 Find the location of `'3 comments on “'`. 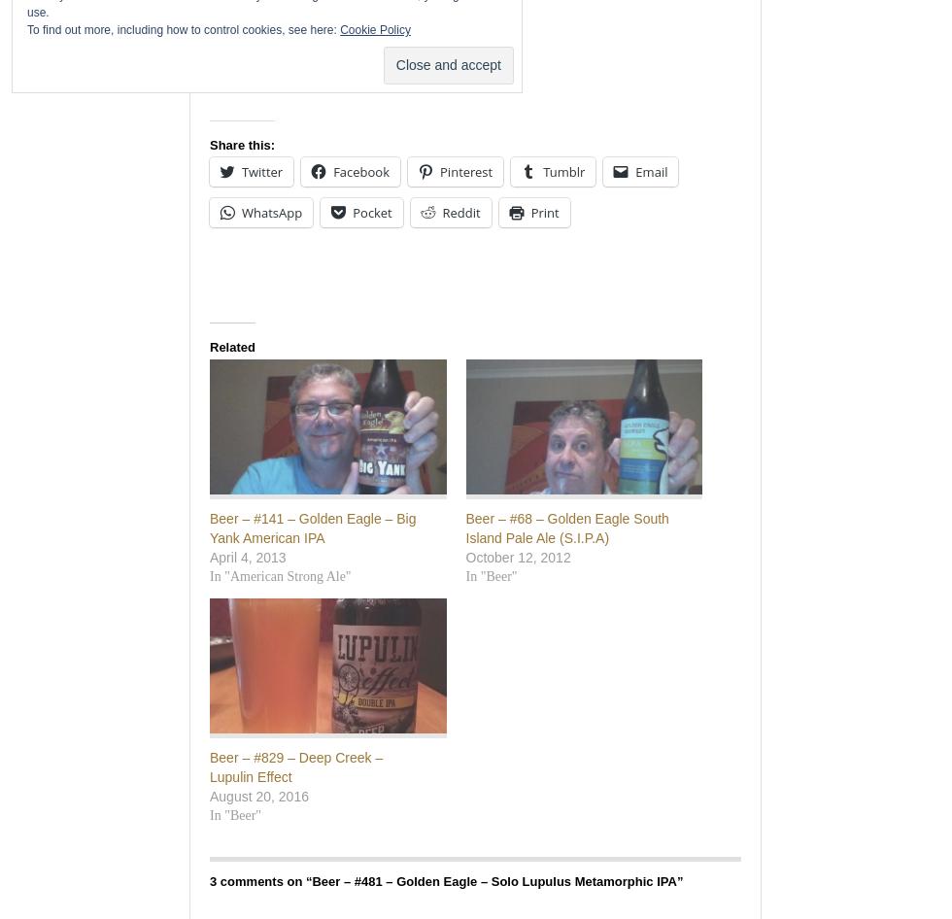

'3 comments on “' is located at coordinates (260, 880).